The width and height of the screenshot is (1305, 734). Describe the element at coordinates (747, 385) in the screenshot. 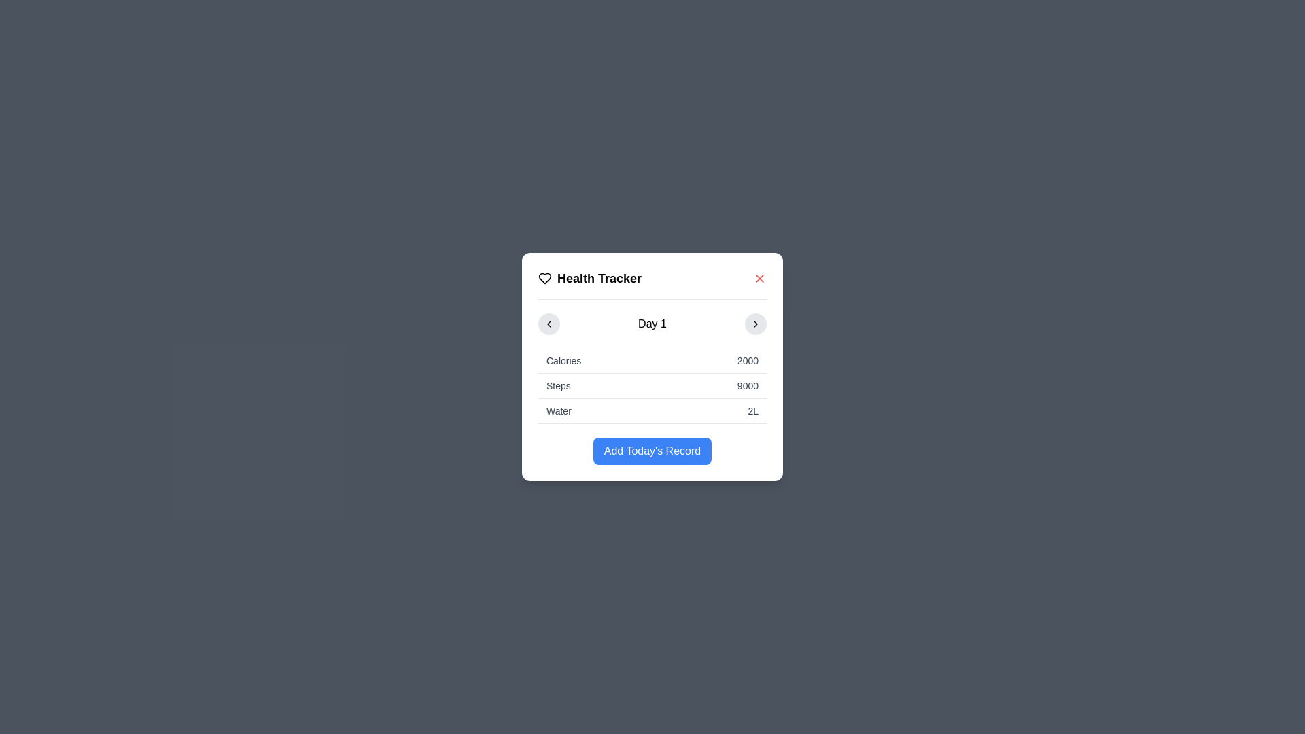

I see `the Text Display element that shows the number of steps taken, located in the second row of a table inside a modal dialog box, to the right of the label 'Steps'` at that location.